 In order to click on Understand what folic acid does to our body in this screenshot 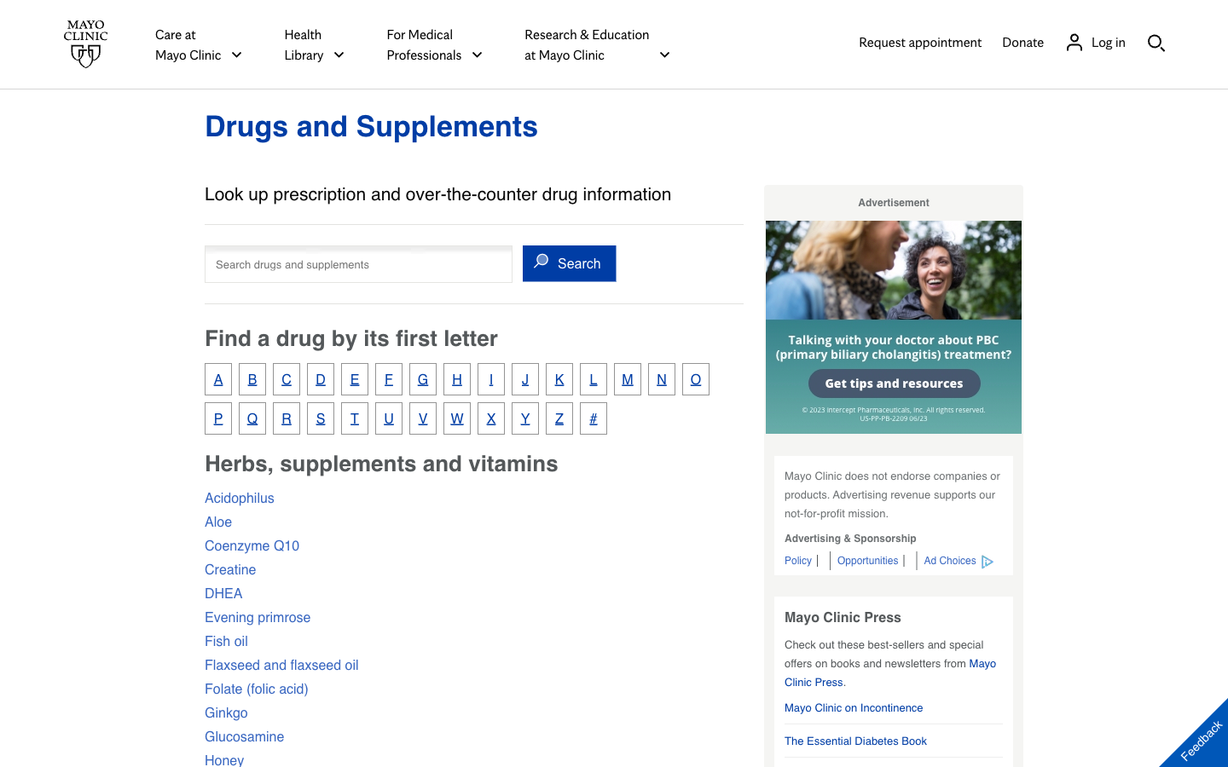, I will do `click(255, 688)`.